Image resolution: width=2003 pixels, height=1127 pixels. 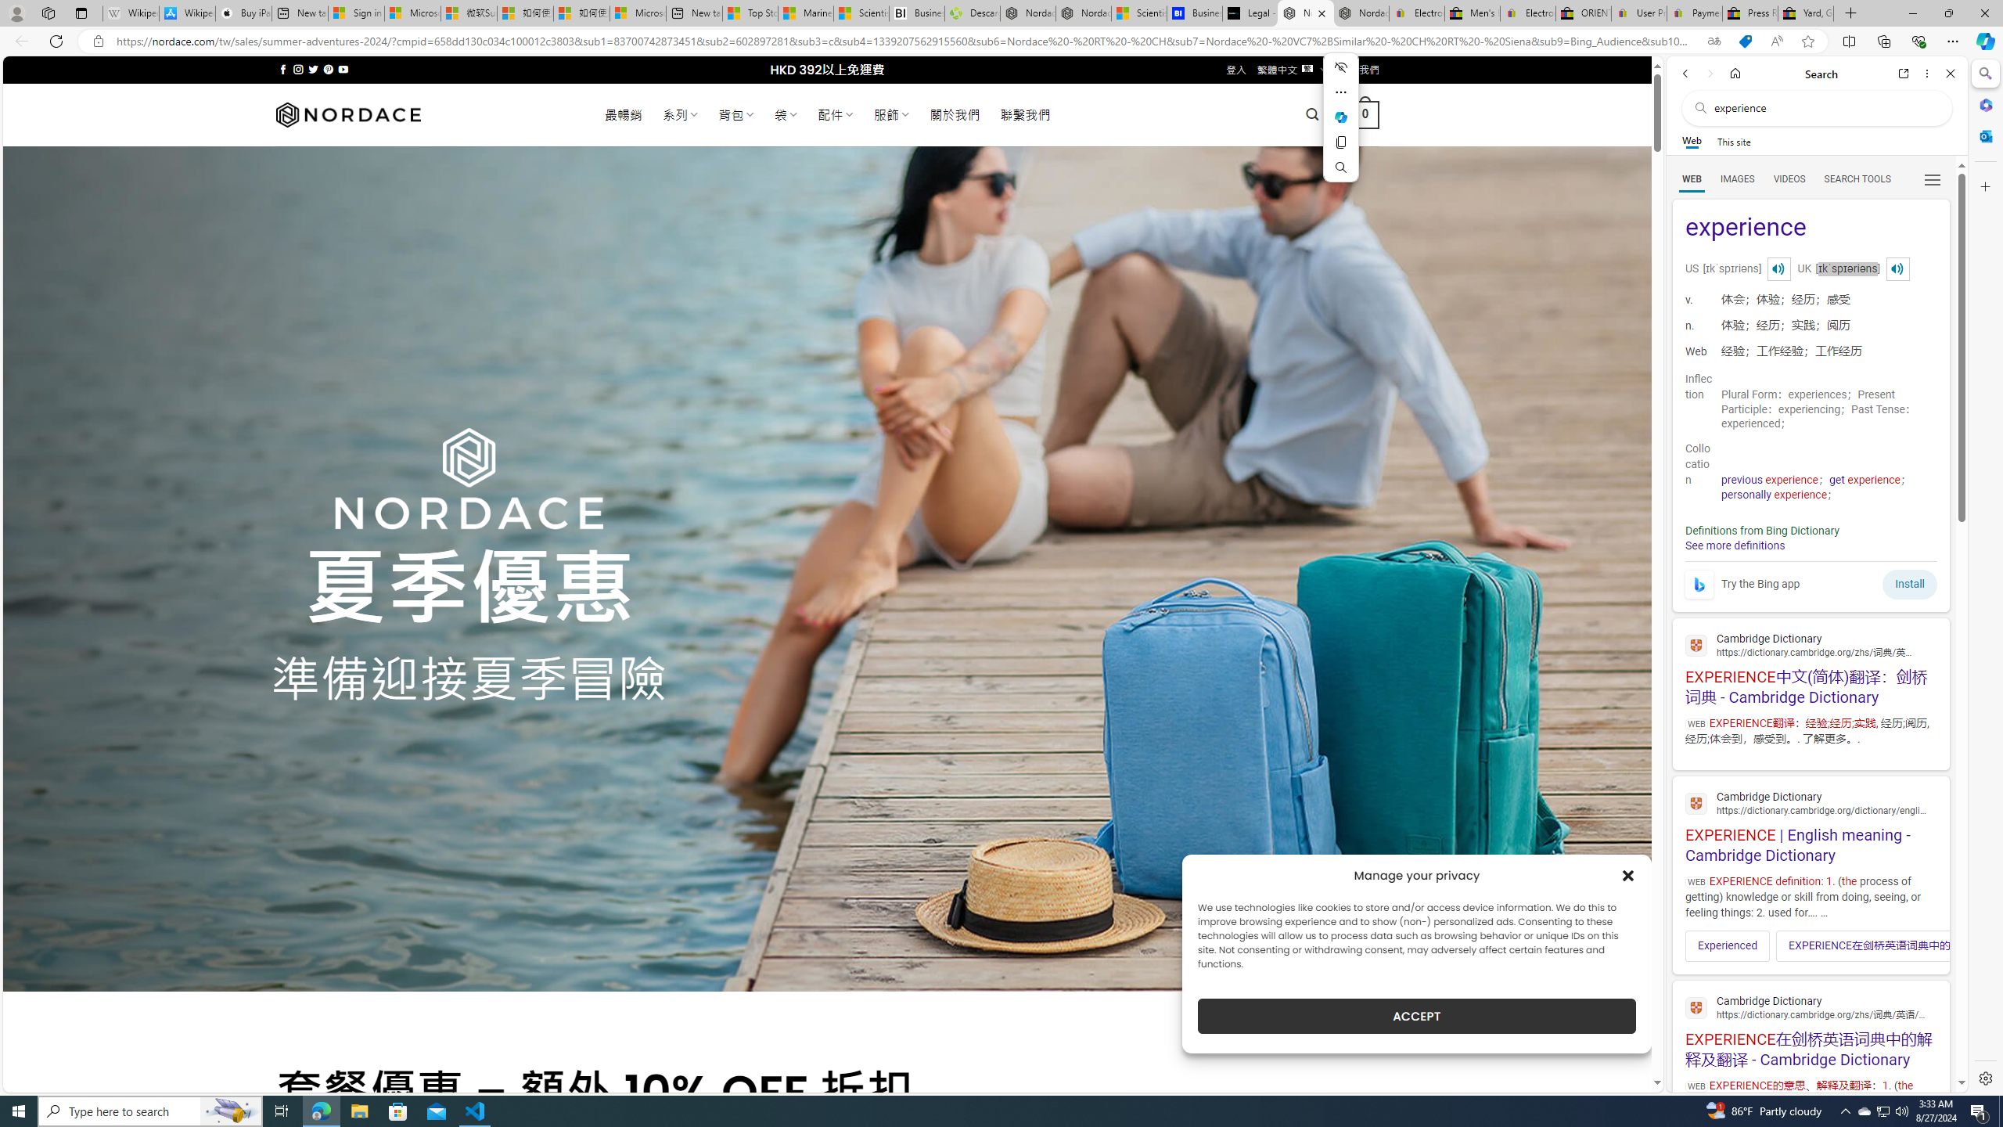 I want to click on 'Experienced', so click(x=1728, y=945).